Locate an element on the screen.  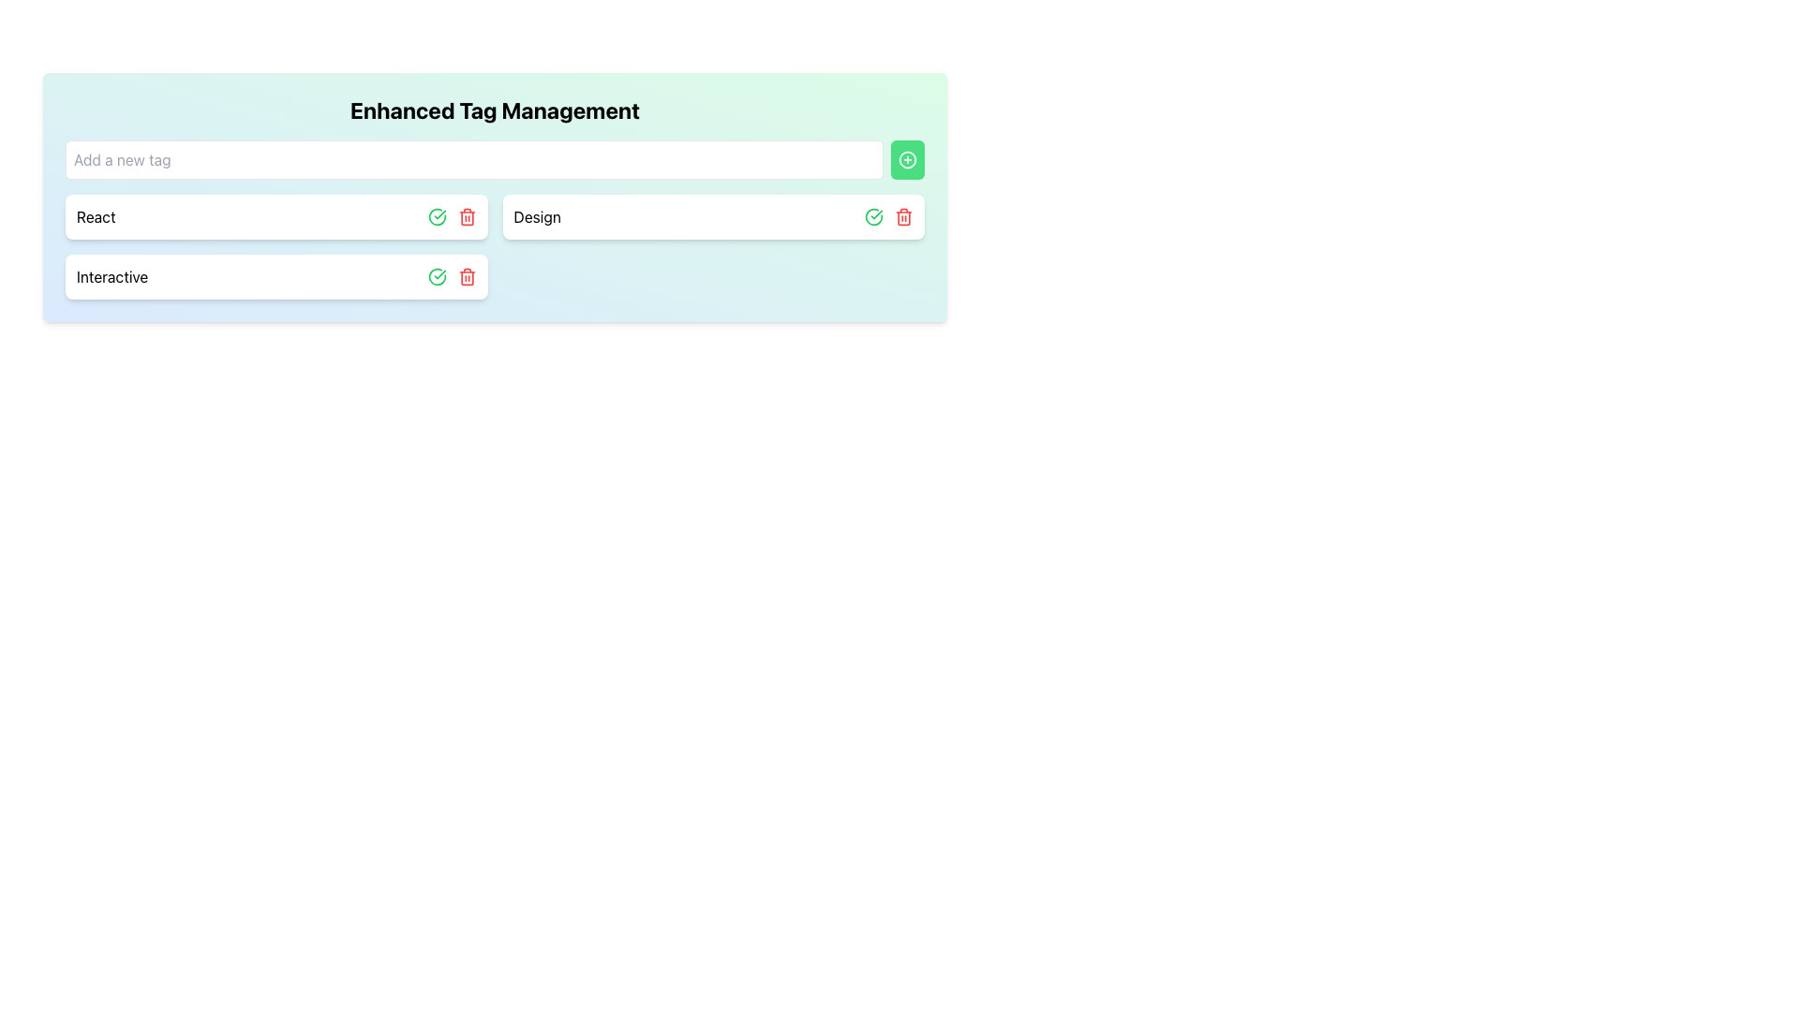
the 'React' tag label is located at coordinates (95, 215).